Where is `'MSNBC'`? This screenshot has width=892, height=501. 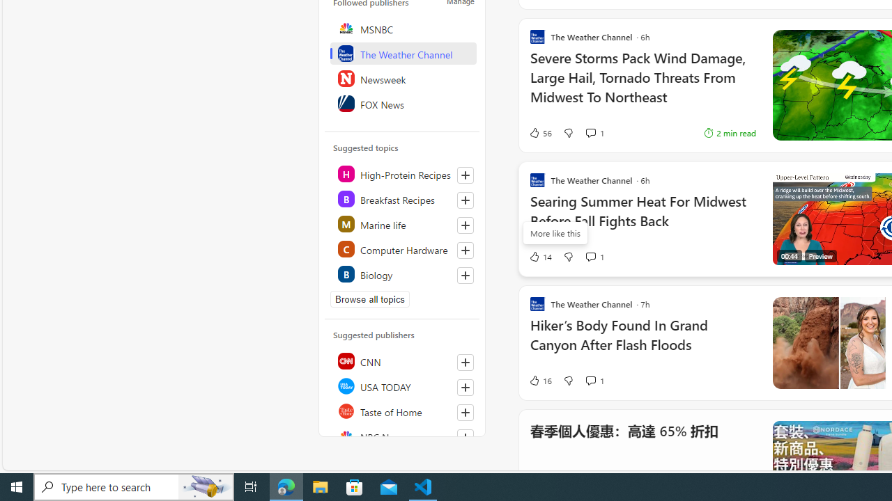 'MSNBC' is located at coordinates (402, 29).